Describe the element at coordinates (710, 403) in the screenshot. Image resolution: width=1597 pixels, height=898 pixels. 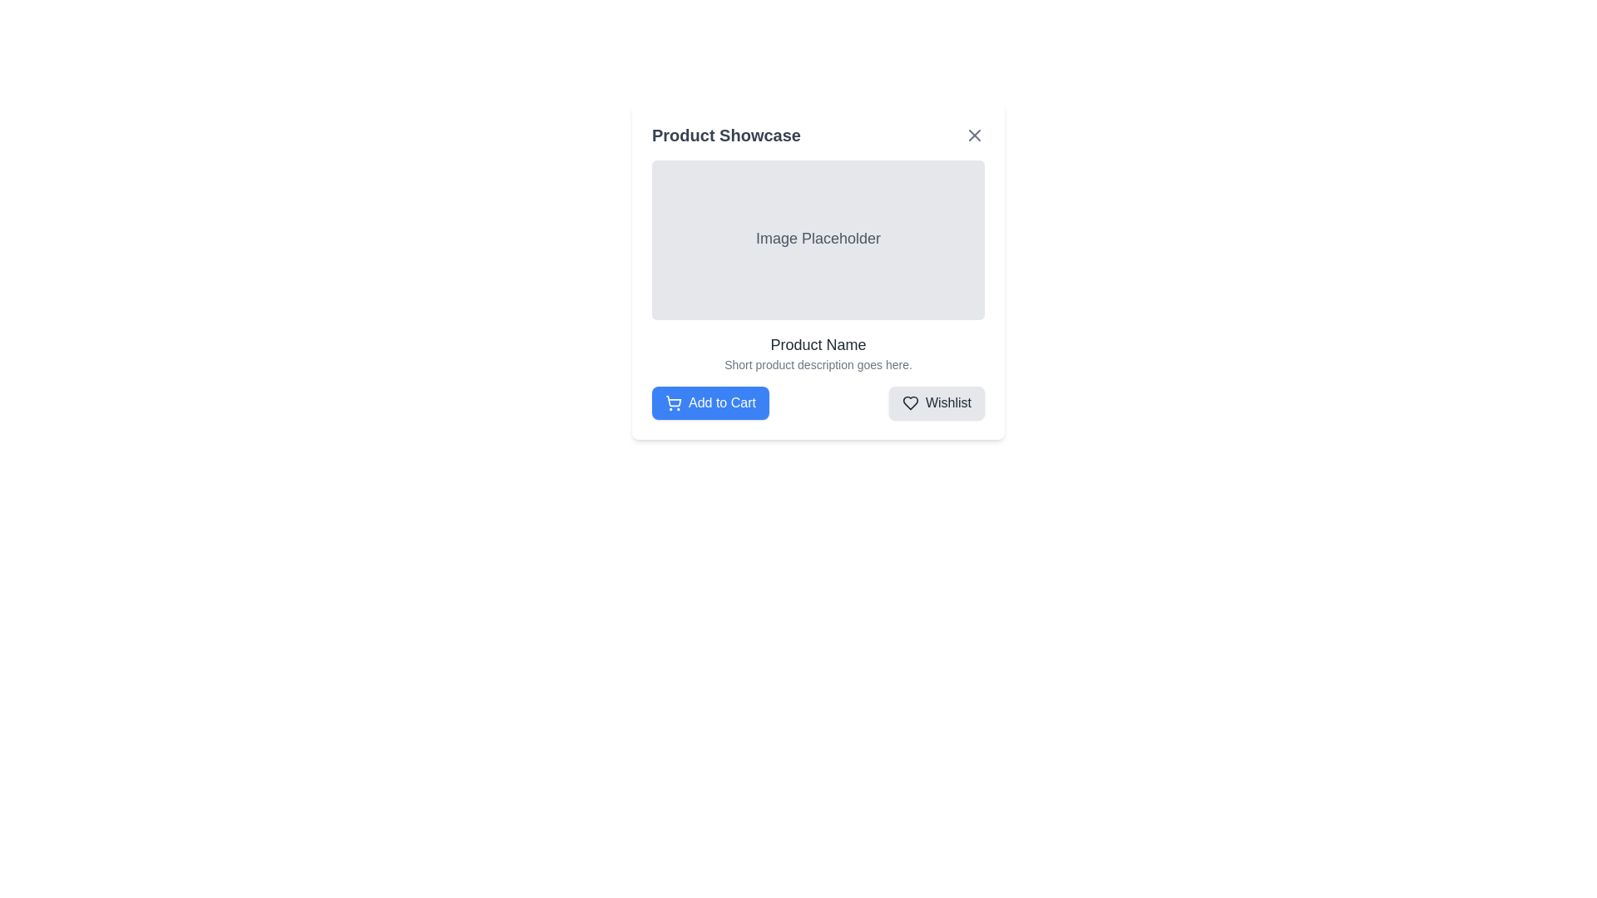
I see `the 'Add to Cart' button, which is a rectangular button with a blue background and white text, located at the bottom section of a card-like interface` at that location.